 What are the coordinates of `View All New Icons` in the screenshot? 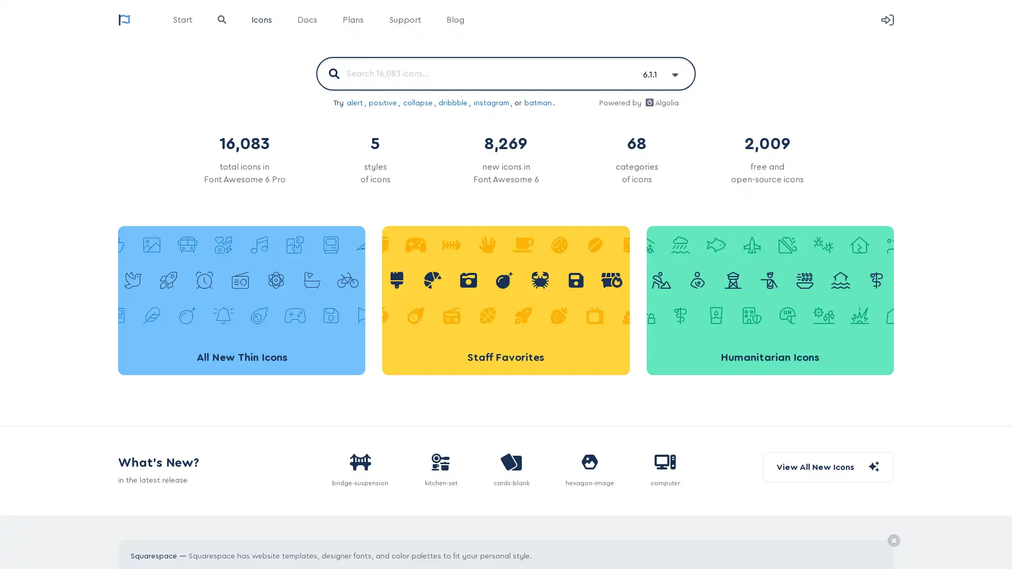 It's located at (828, 466).